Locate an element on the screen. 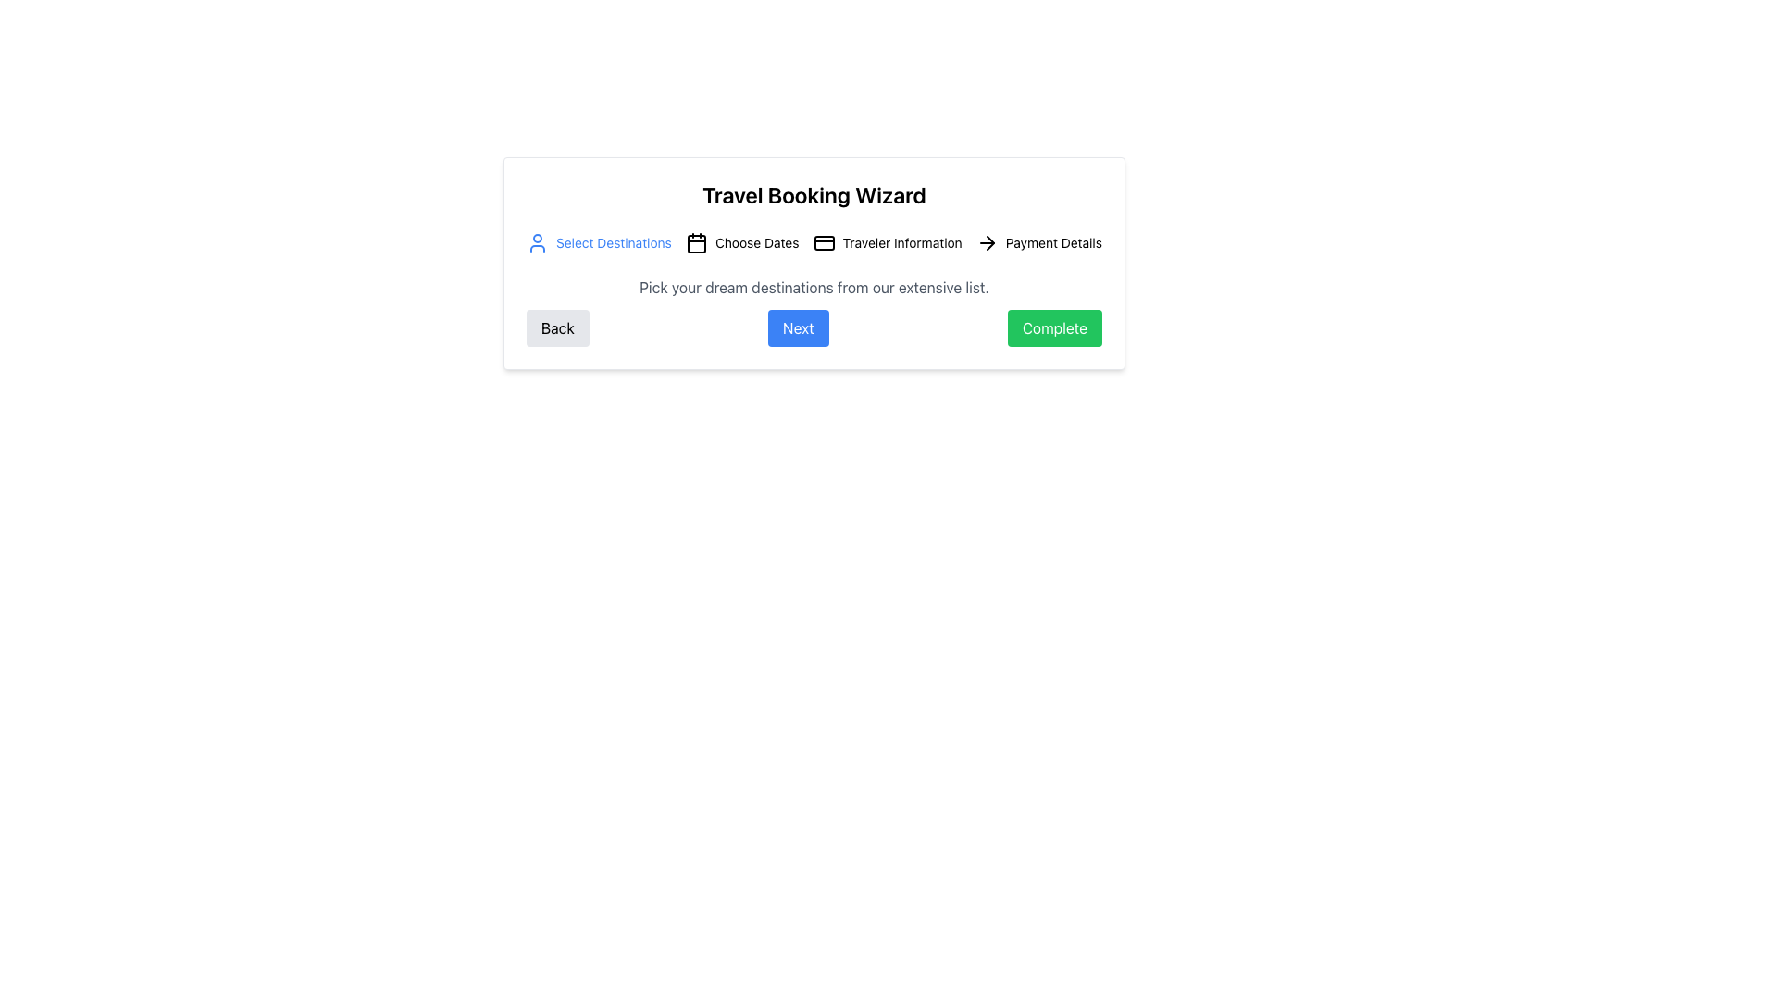 The height and width of the screenshot is (999, 1777). the 'Choose Dates' label, which is the second navigation label in the sequence is located at coordinates (742, 241).